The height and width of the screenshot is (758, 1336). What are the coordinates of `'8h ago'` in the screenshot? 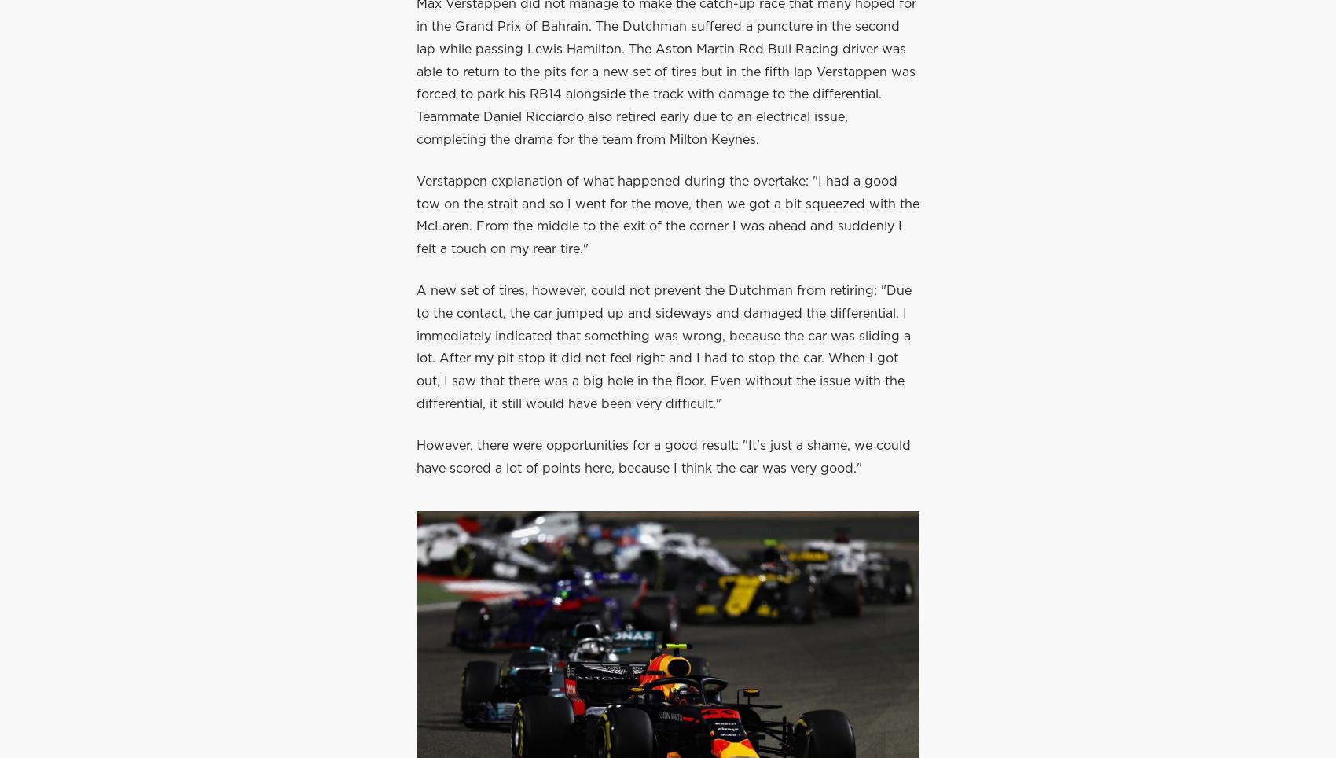 It's located at (336, 300).